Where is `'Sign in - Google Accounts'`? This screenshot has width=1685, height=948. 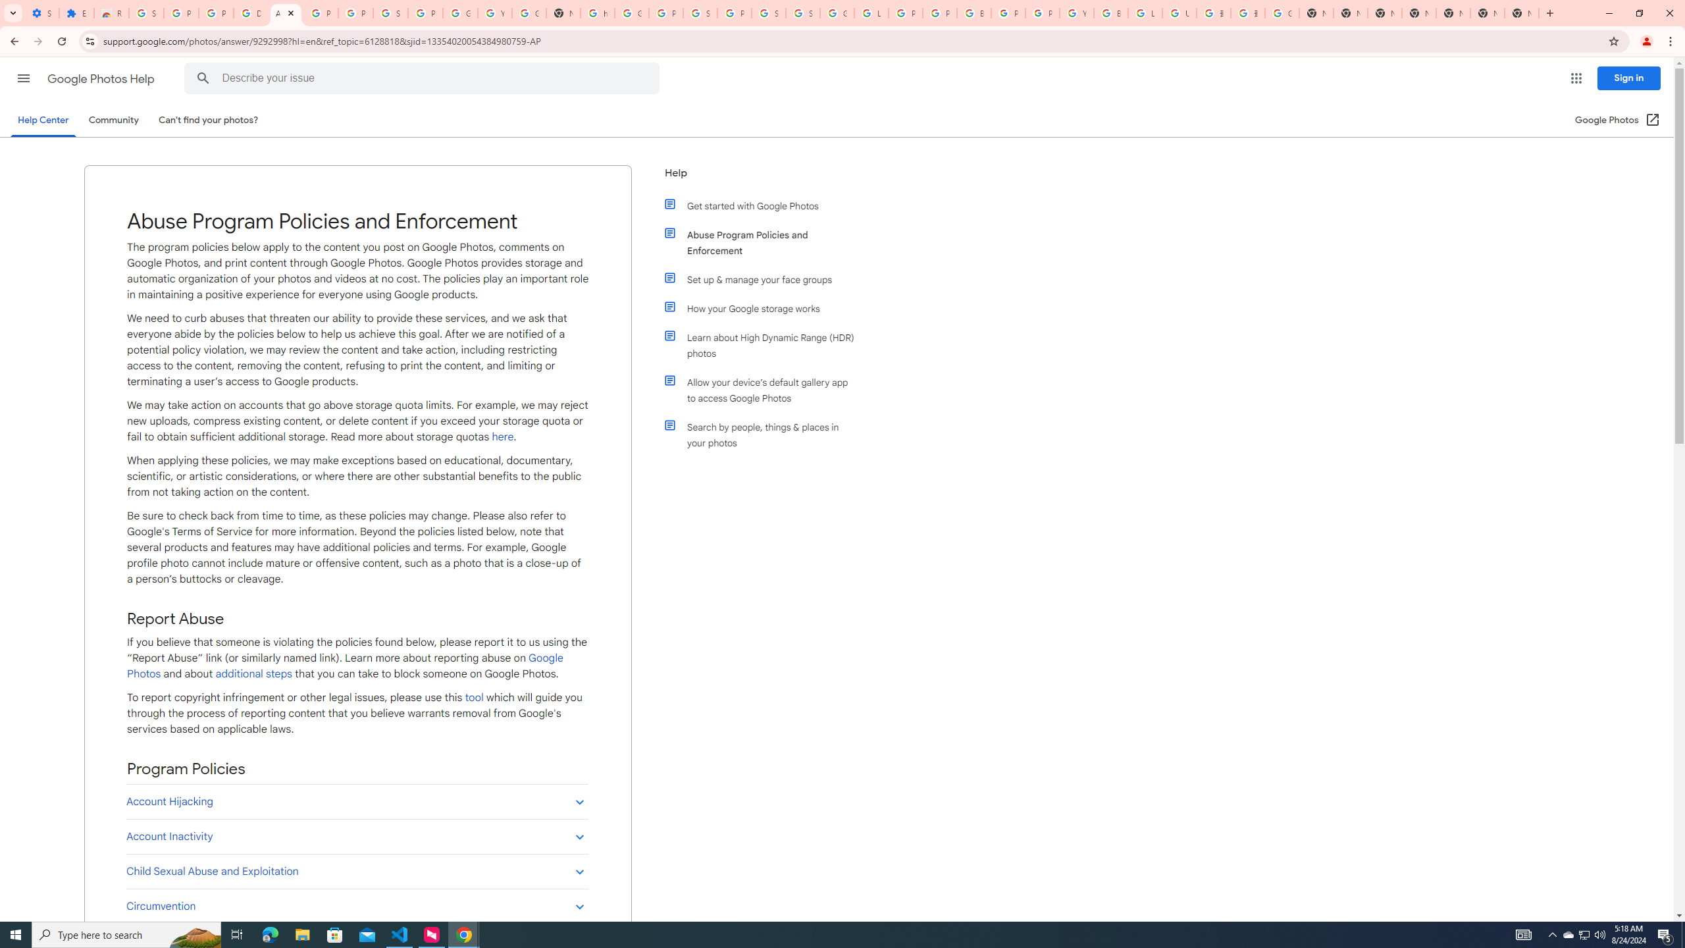
'Sign in - Google Accounts' is located at coordinates (700, 13).